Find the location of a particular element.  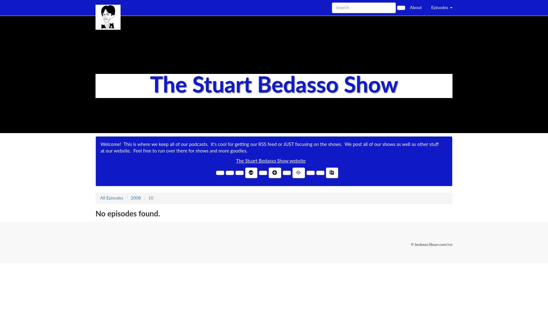

'No episodes found.' is located at coordinates (127, 214).